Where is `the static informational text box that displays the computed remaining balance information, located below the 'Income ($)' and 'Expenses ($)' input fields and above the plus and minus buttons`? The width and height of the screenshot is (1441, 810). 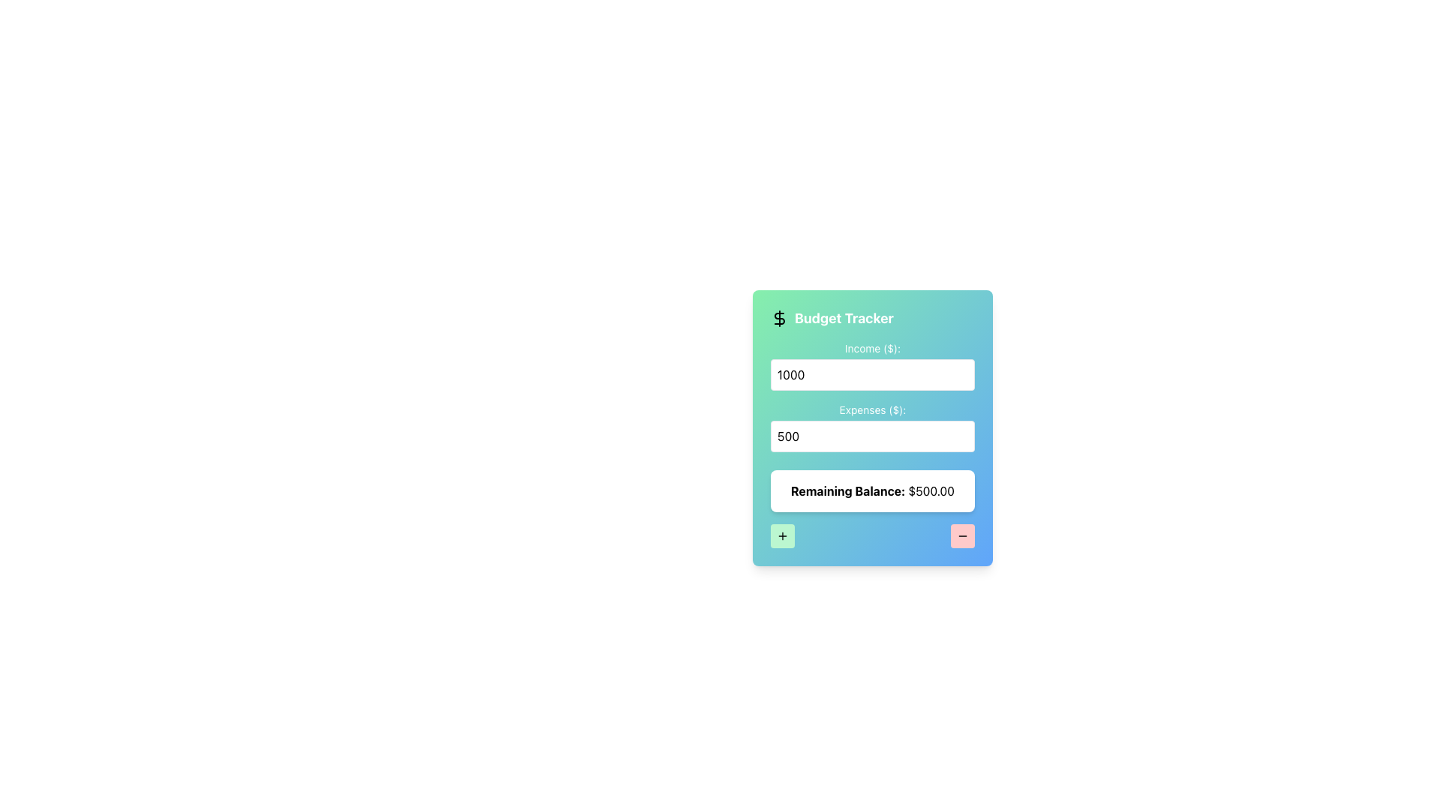 the static informational text box that displays the computed remaining balance information, located below the 'Income ($)' and 'Expenses ($)' input fields and above the plus and minus buttons is located at coordinates (872, 491).